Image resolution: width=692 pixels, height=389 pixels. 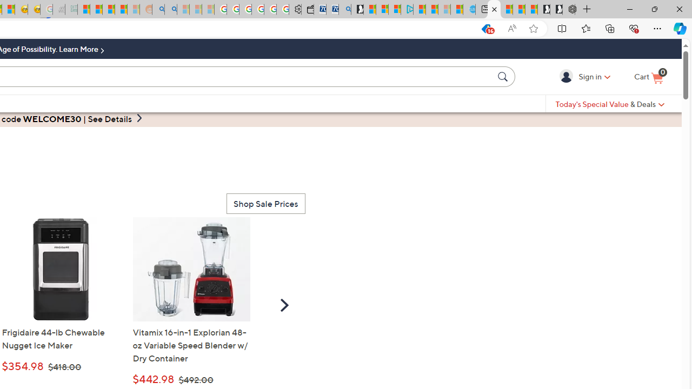 I want to click on ' Frigidaire 44-lb Chewable Nugget Ice Maker - K86274', so click(x=60, y=269).